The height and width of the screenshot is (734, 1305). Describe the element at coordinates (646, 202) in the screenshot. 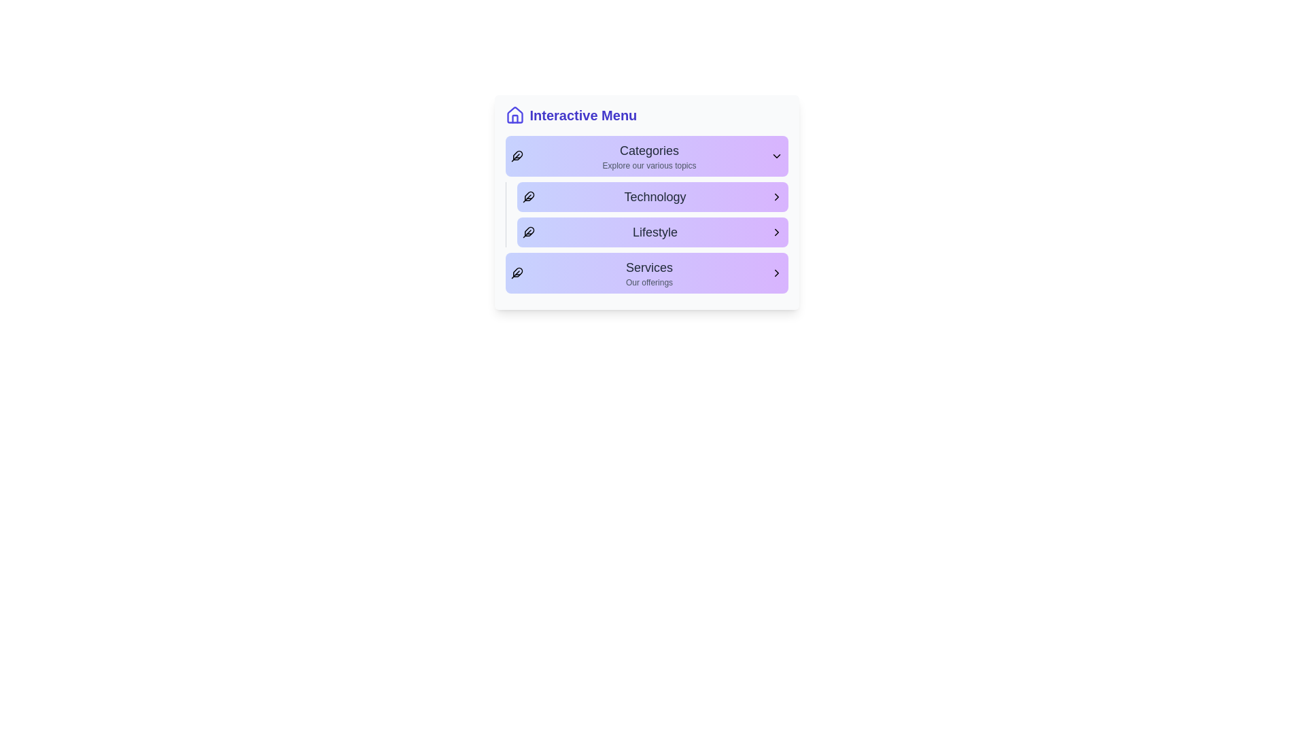

I see `the 'Technology' menu item button using keyboard navigation` at that location.